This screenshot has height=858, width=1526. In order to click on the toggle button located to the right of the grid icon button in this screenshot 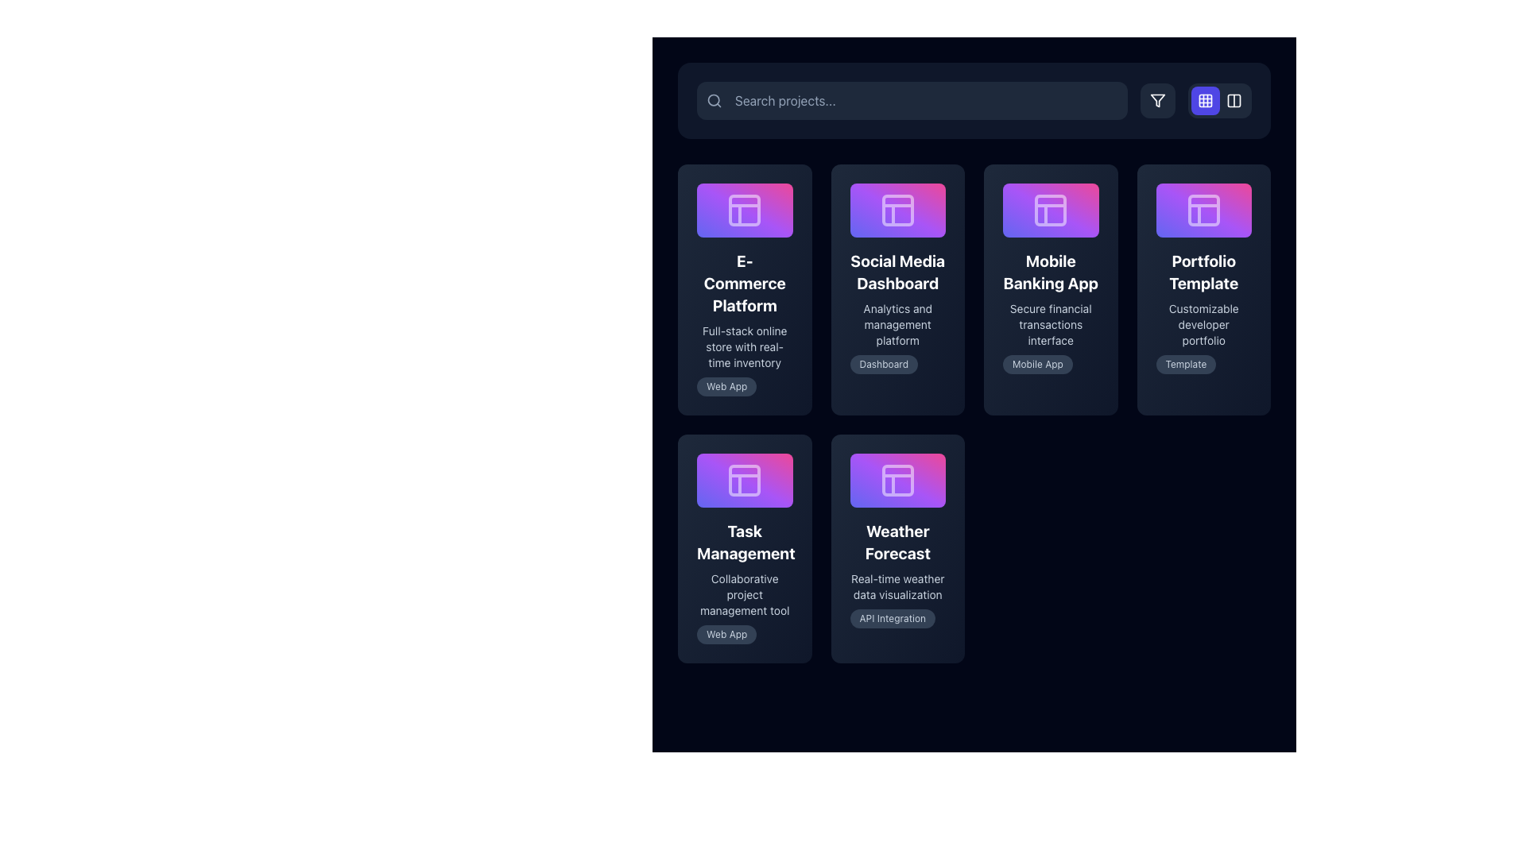, I will do `click(1234, 101)`.